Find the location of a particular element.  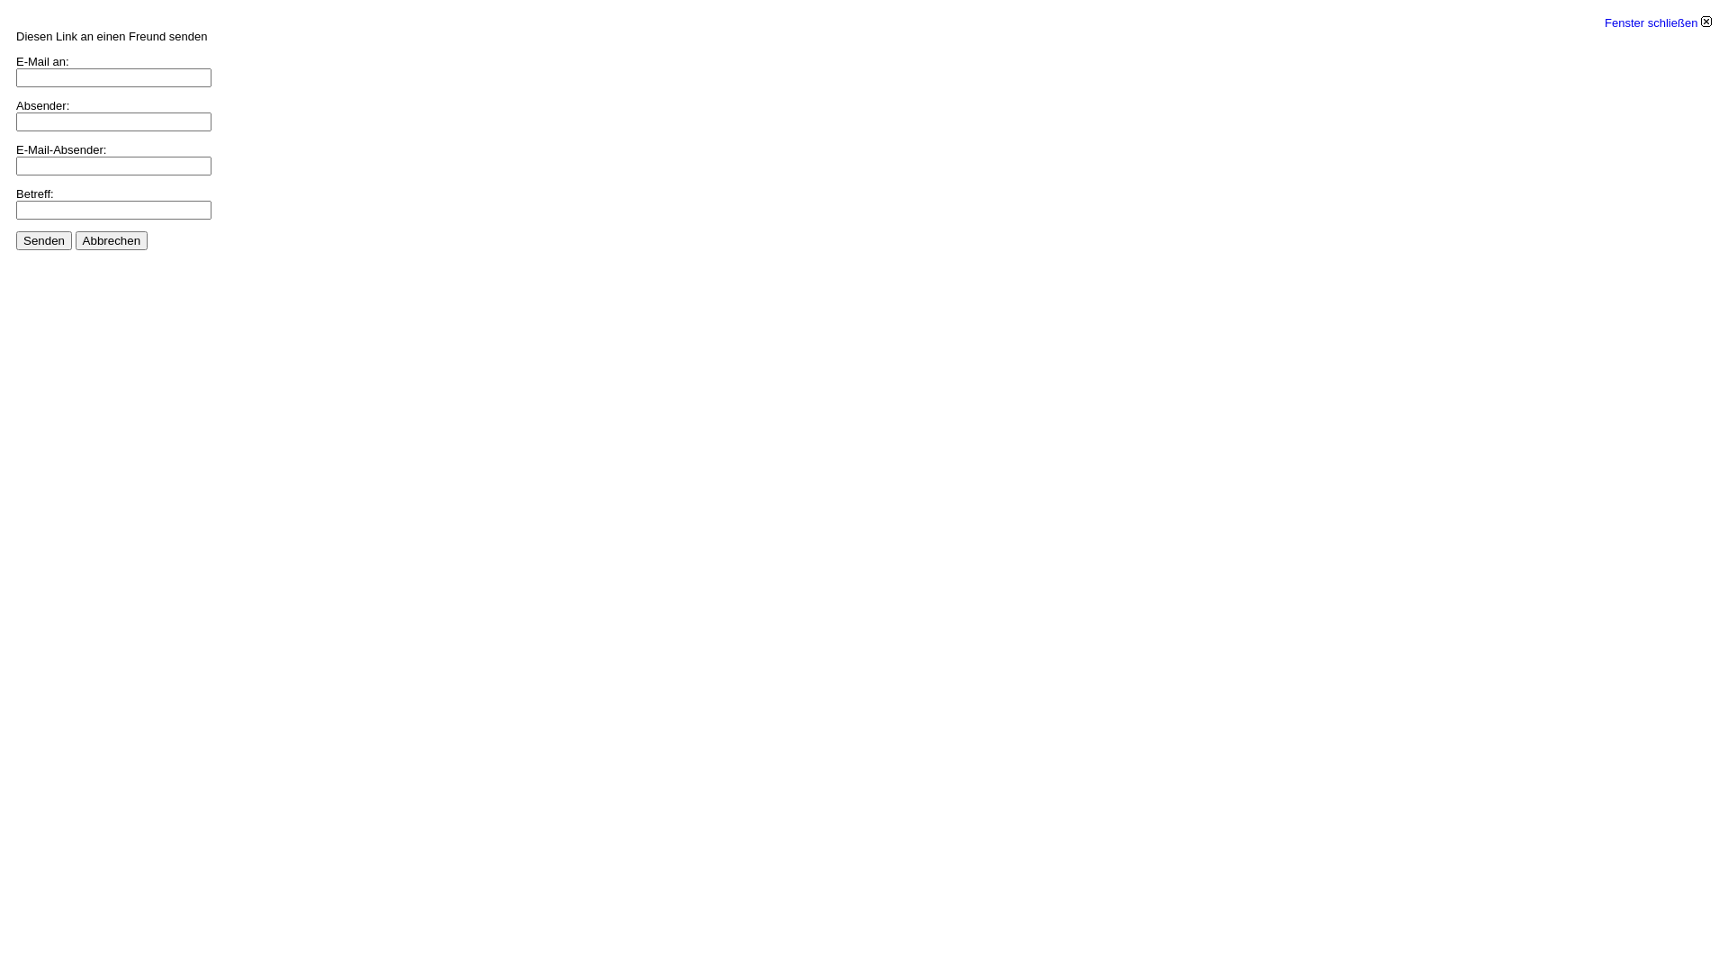

'Senden' is located at coordinates (43, 239).